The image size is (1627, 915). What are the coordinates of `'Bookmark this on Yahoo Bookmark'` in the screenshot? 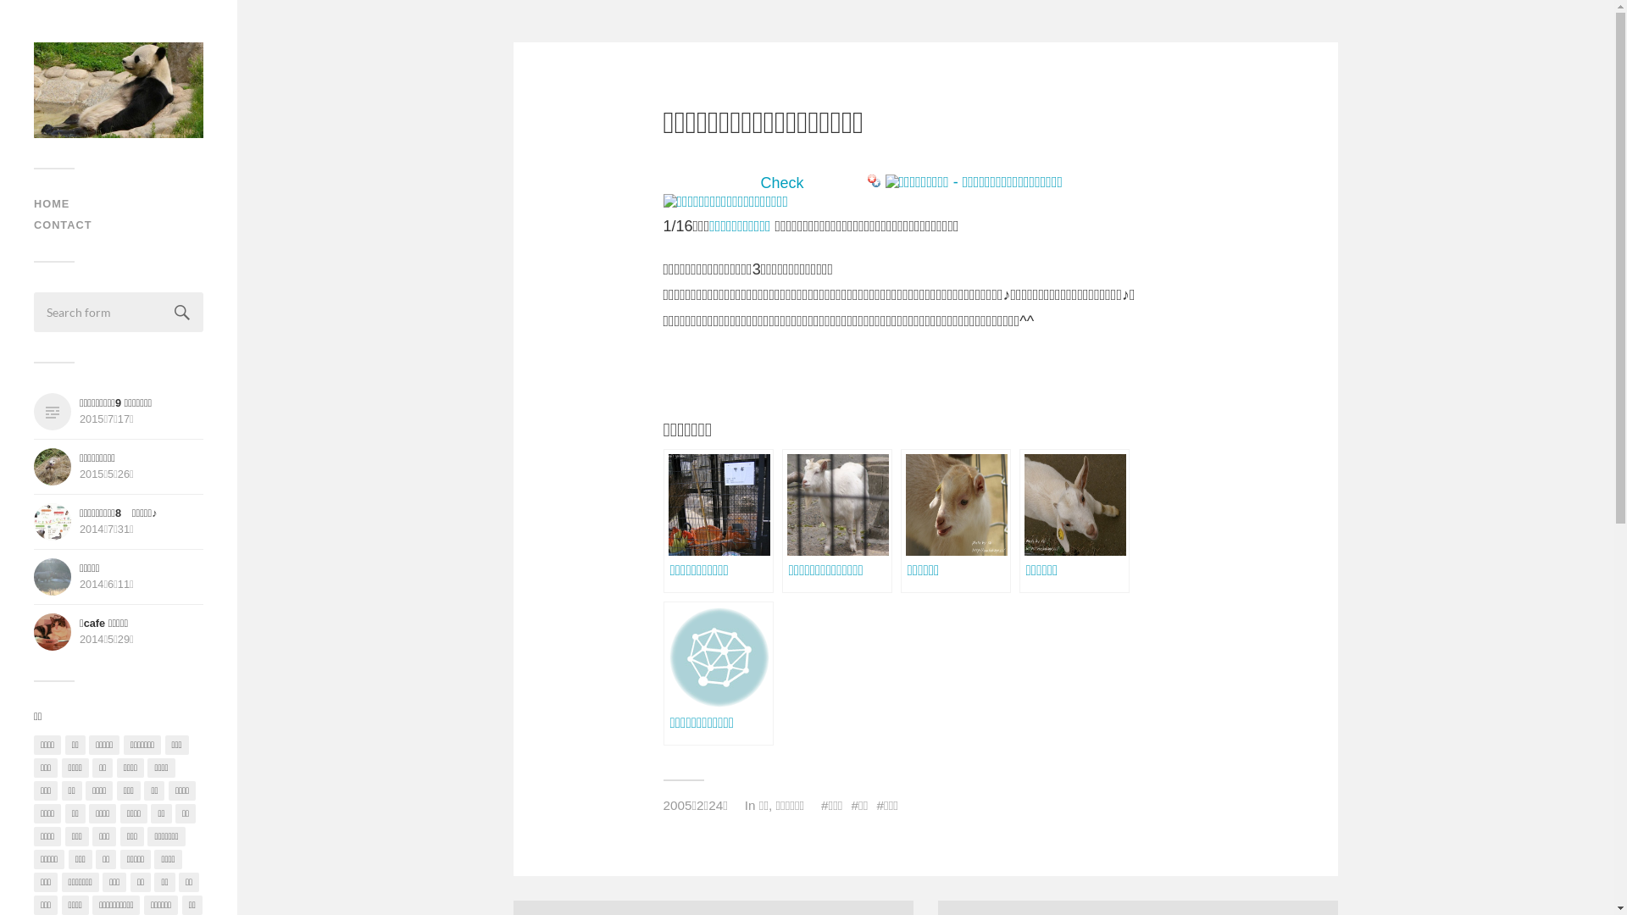 It's located at (875, 180).